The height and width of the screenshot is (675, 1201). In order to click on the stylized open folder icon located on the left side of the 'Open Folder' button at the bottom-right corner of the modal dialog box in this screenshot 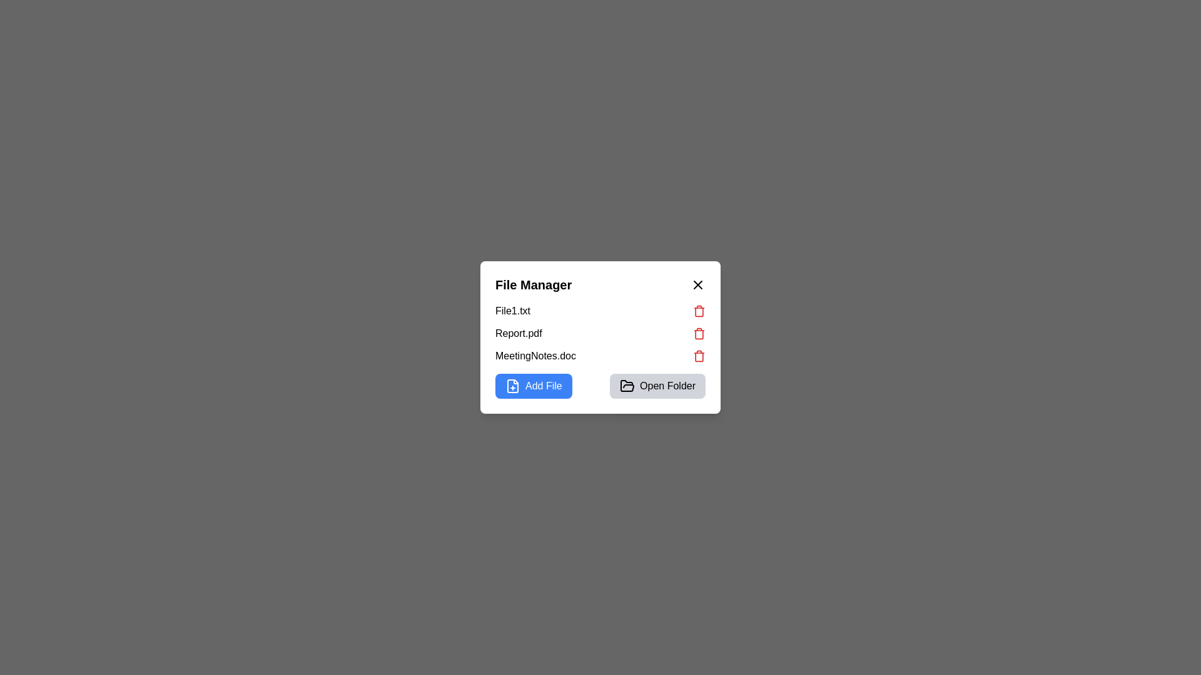, I will do `click(627, 385)`.